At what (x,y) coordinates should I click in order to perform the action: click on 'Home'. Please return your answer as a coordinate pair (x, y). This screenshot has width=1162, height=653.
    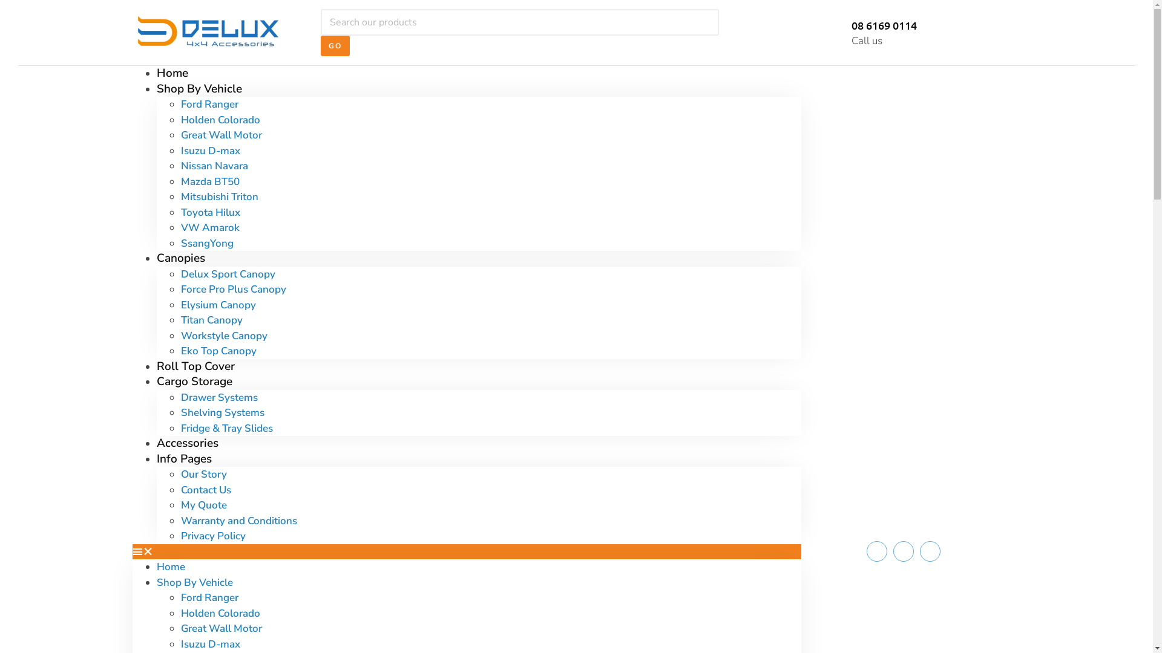
    Looking at the image, I should click on (156, 73).